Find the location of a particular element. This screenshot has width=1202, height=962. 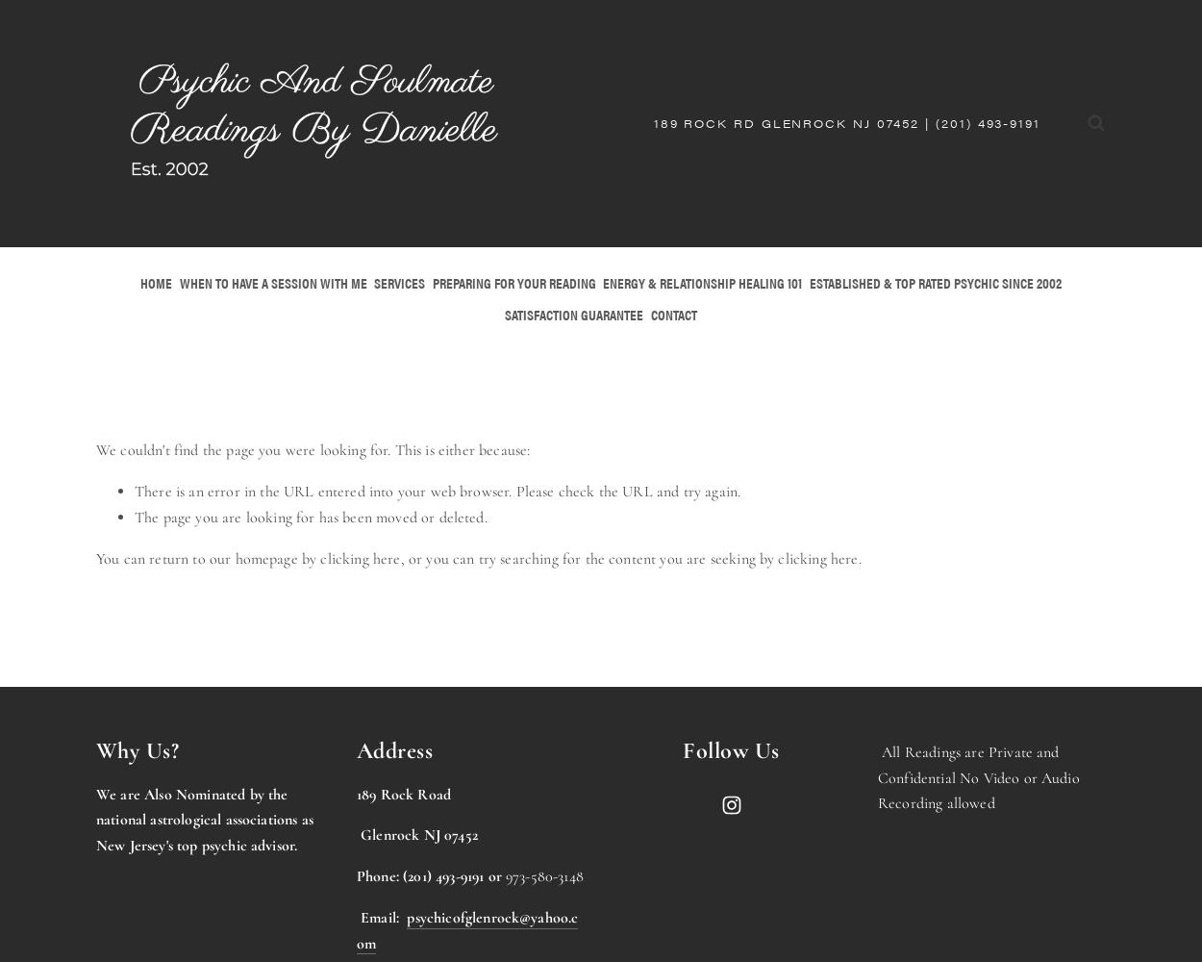

', or you can try searching for the
  content you are seeking by' is located at coordinates (588, 557).